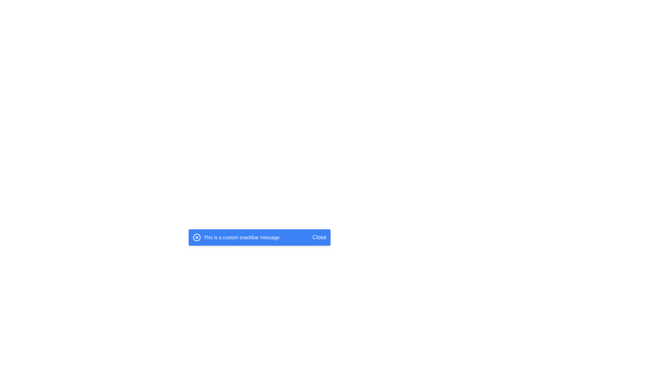 The image size is (655, 368). Describe the element at coordinates (259, 237) in the screenshot. I see `message displayed in the Snackbar Notification located at the bottom middle of the notification panel` at that location.